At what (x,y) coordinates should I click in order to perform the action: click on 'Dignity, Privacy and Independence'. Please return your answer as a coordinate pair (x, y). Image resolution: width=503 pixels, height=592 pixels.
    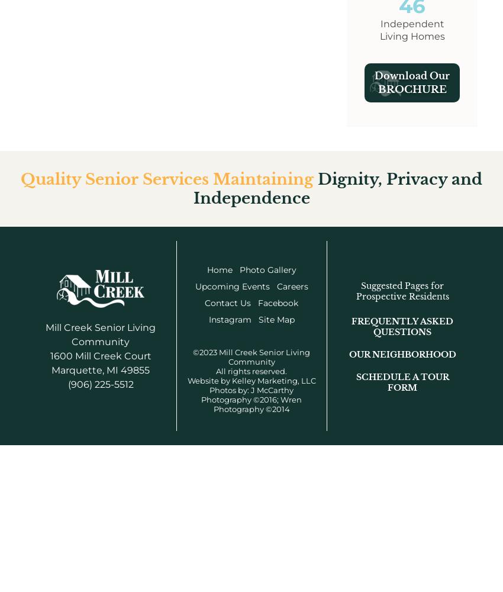
    Looking at the image, I should click on (337, 188).